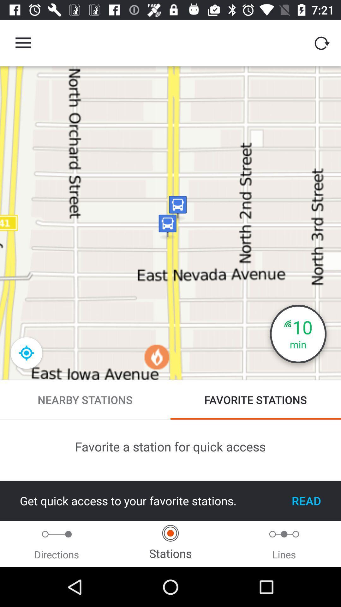  What do you see at coordinates (26, 353) in the screenshot?
I see `the location_crosshair icon` at bounding box center [26, 353].